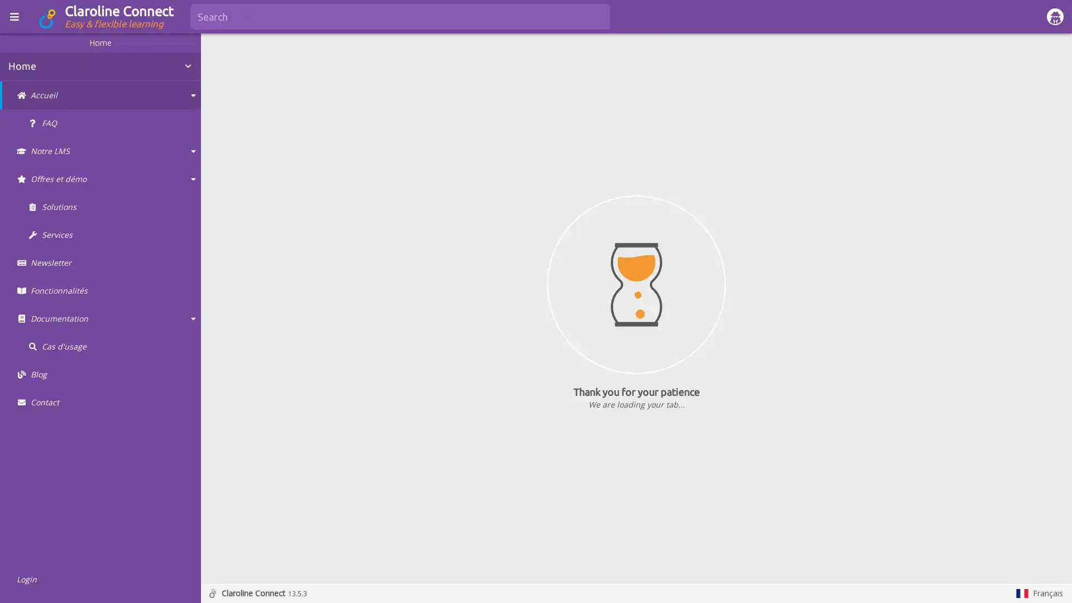  I want to click on Collapse, so click(193, 178).